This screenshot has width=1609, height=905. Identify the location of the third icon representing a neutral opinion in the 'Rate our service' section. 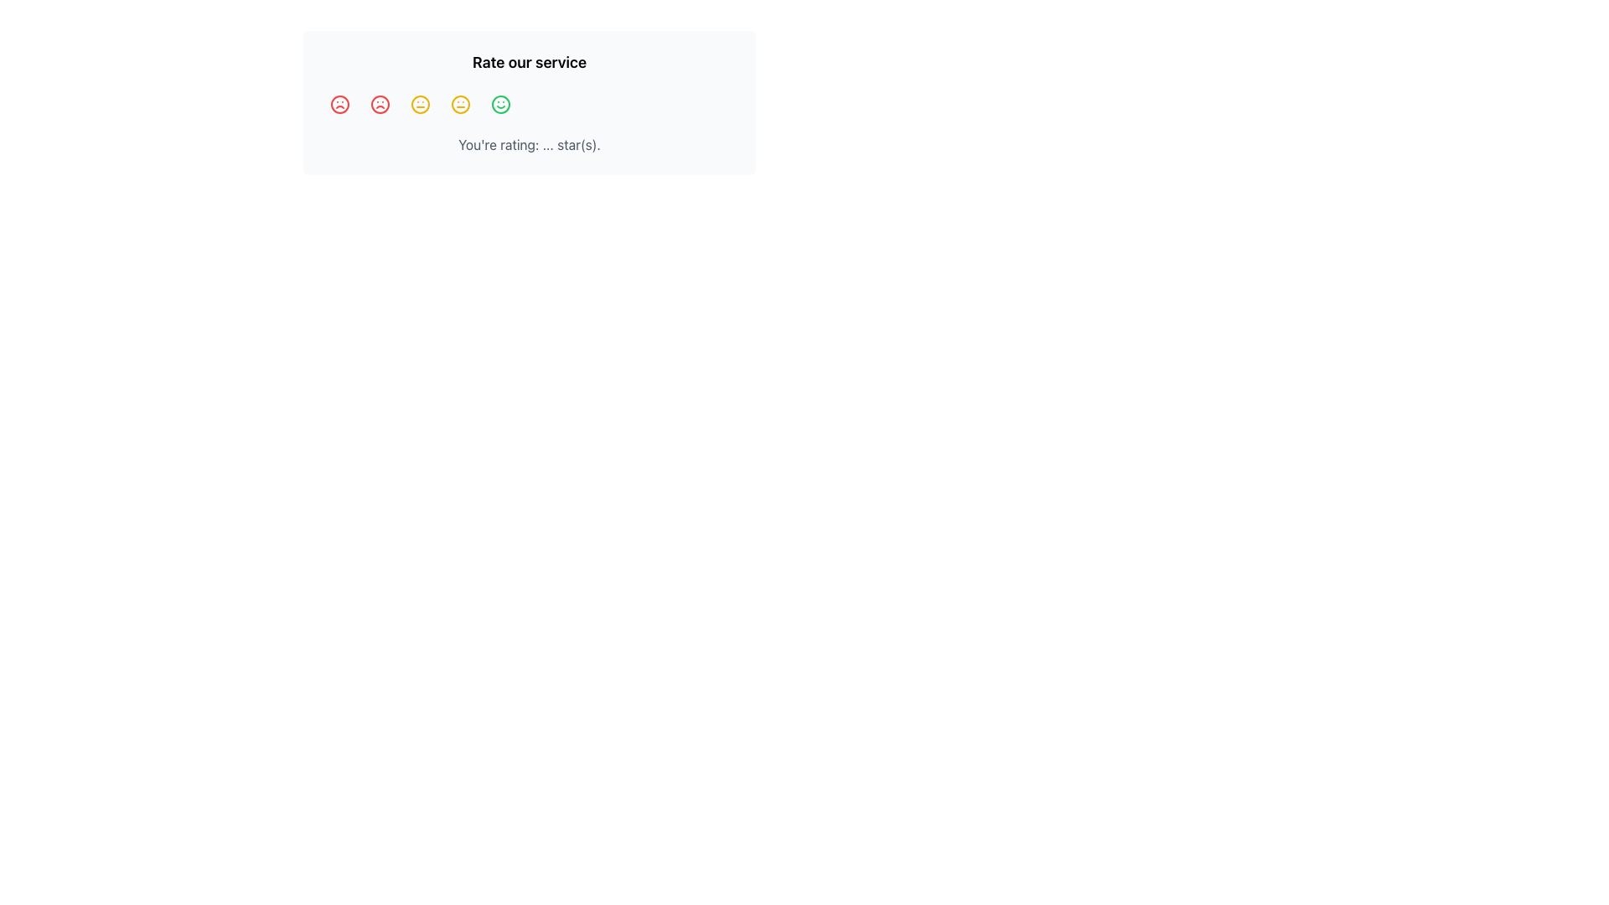
(421, 104).